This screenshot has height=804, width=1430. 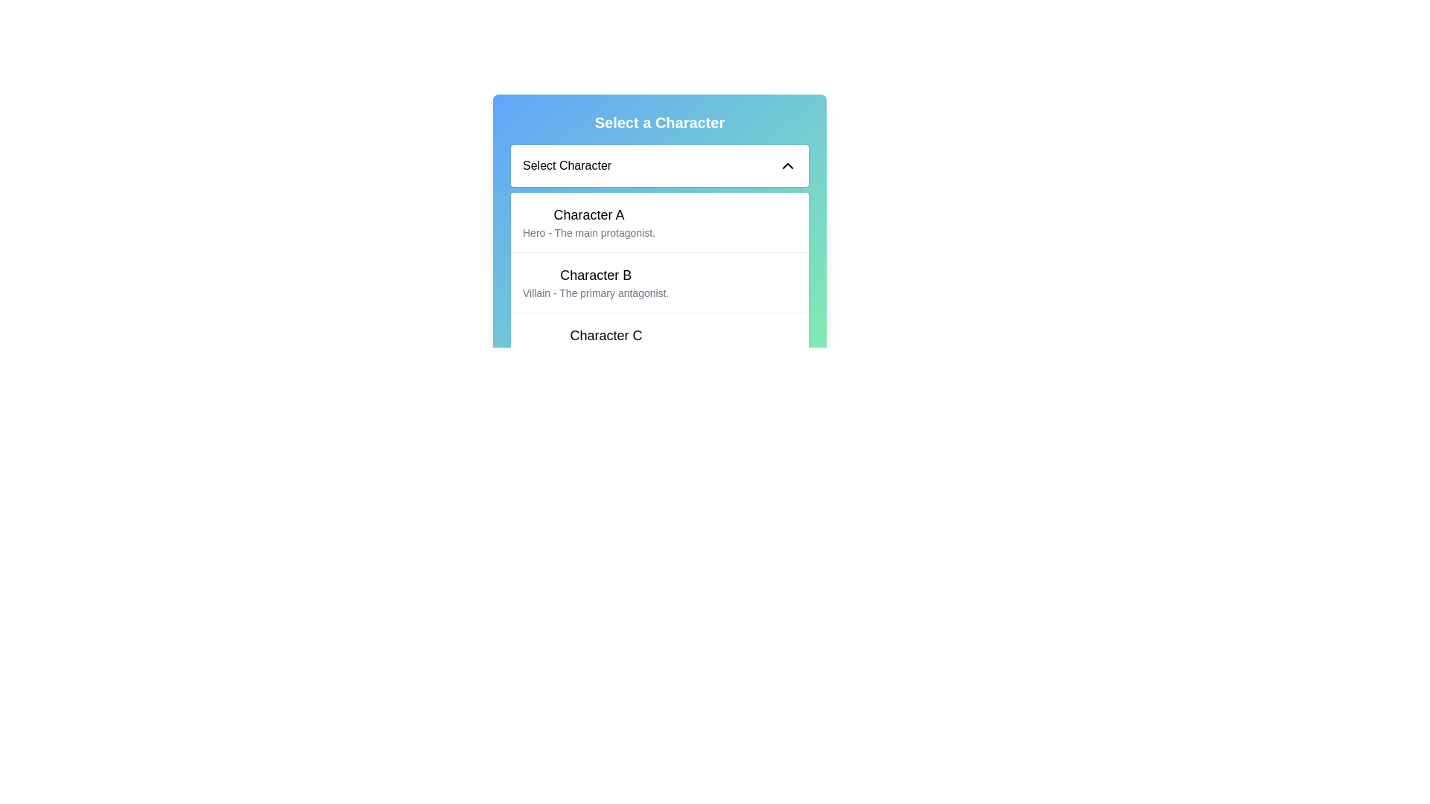 I want to click on text label that states 'Villain - The primary antagonist.', which is styled in a smaller gray font and positioned below the heading 'Character B' in the dropdown menu, so click(x=596, y=293).